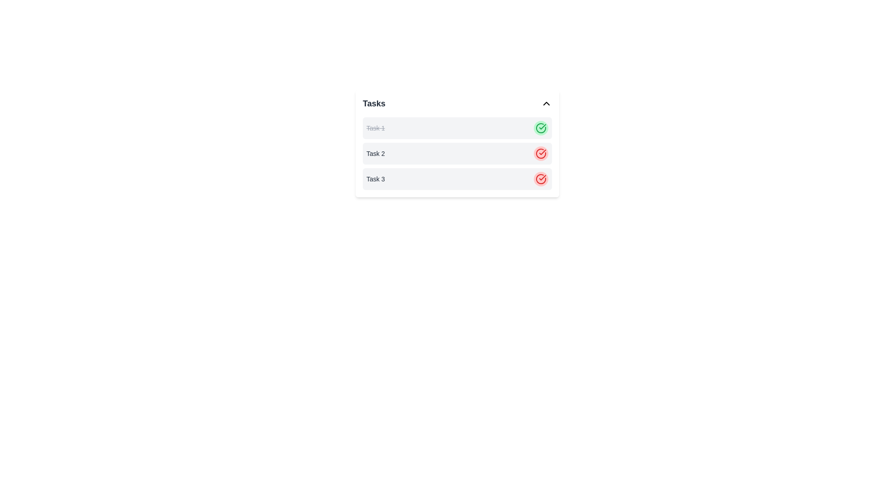  I want to click on the second task item in the list that contains a button for modifying or marking the task state, which is visually centered within the 'Tasks' card, so click(457, 153).